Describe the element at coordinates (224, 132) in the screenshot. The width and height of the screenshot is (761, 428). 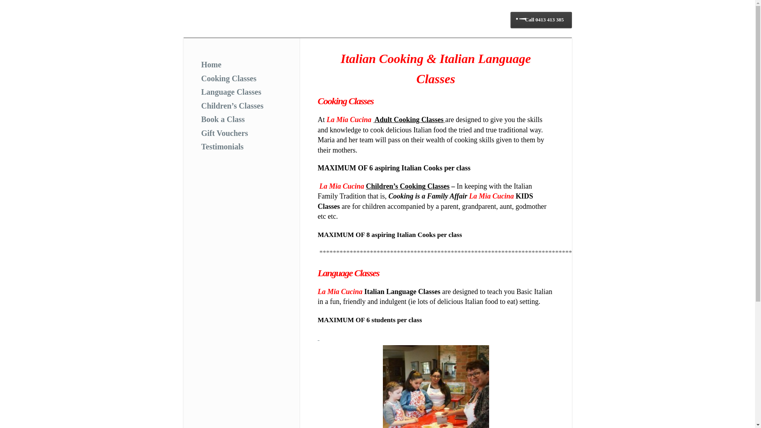
I see `'Gift Vouchers'` at that location.